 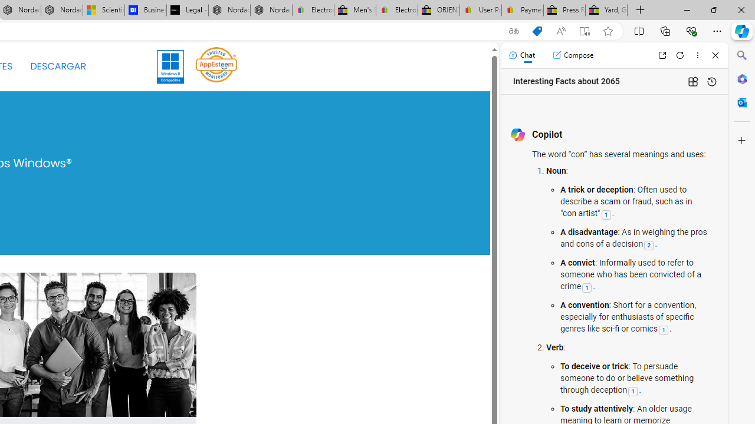 I want to click on 'DESCARGAR', so click(x=57, y=67).